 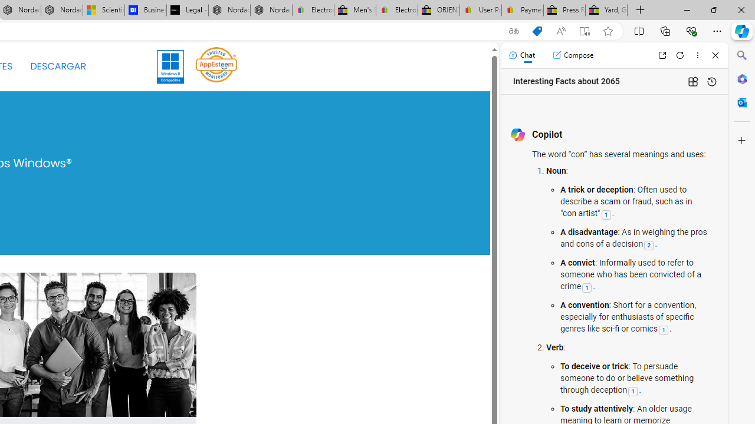 I want to click on 'DESCARGAR', so click(x=57, y=67).